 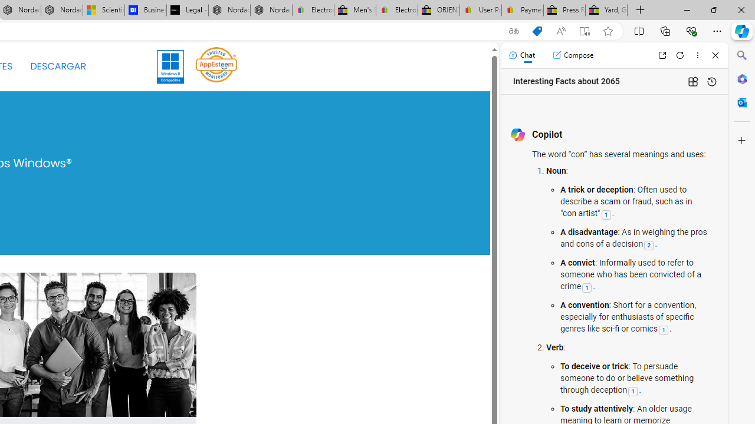 I want to click on 'DESCARGAR', so click(x=57, y=67).